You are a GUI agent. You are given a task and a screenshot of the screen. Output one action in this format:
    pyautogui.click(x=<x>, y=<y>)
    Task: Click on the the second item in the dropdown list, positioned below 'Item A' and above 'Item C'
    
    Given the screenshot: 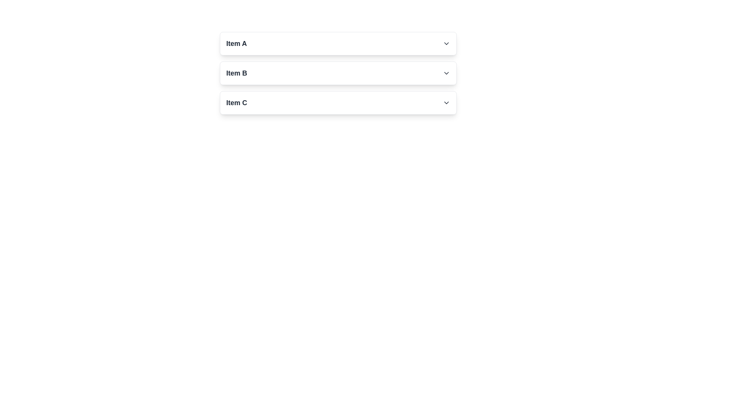 What is the action you would take?
    pyautogui.click(x=338, y=73)
    